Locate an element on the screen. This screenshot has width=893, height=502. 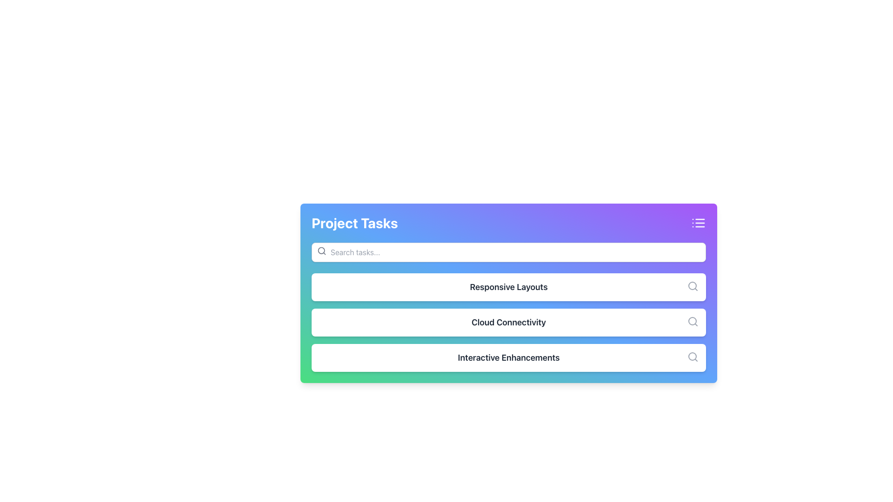
the text label located on the second row of the vertically stacked list of task items, which serves as a category identifier for associated content is located at coordinates (508, 322).